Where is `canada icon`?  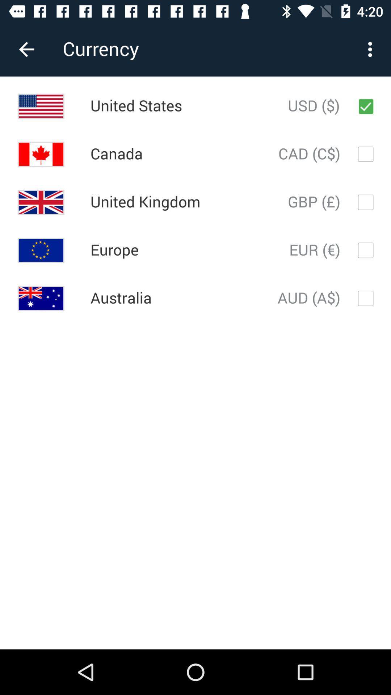
canada icon is located at coordinates (116, 154).